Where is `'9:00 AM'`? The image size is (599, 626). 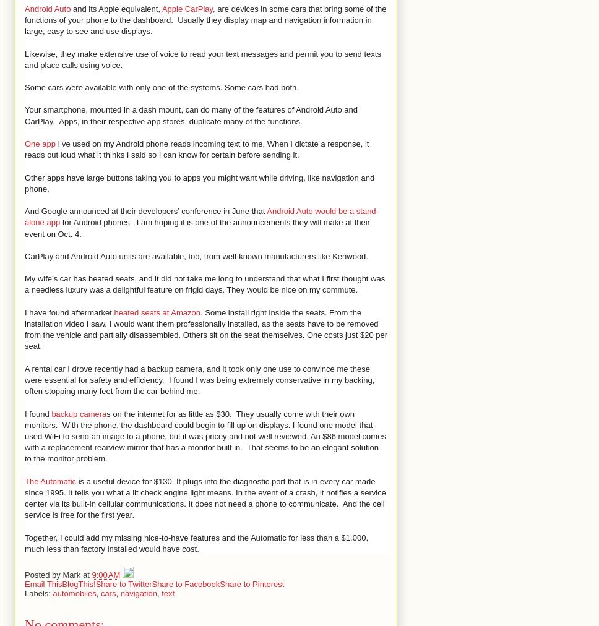
'9:00 AM' is located at coordinates (106, 575).